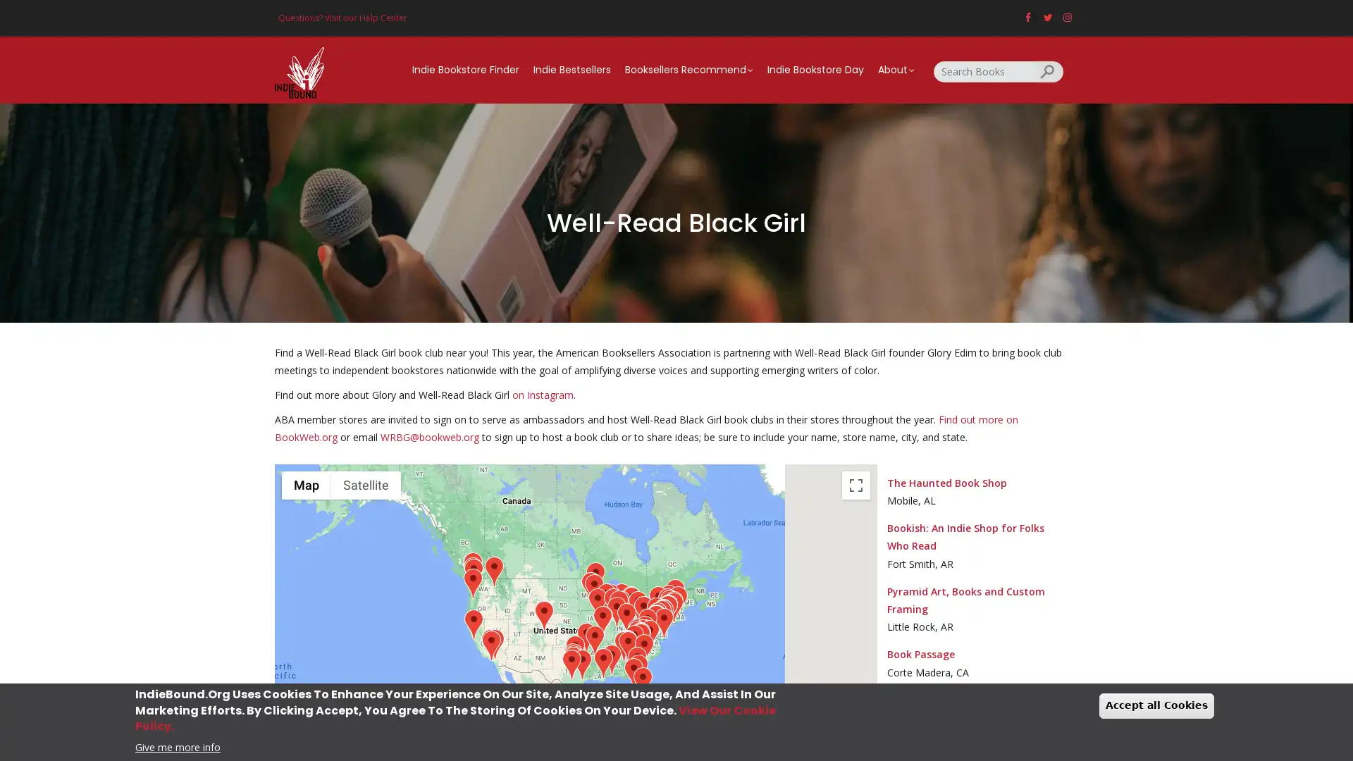  What do you see at coordinates (662, 613) in the screenshot?
I see `Inkwood Books (NJ)` at bounding box center [662, 613].